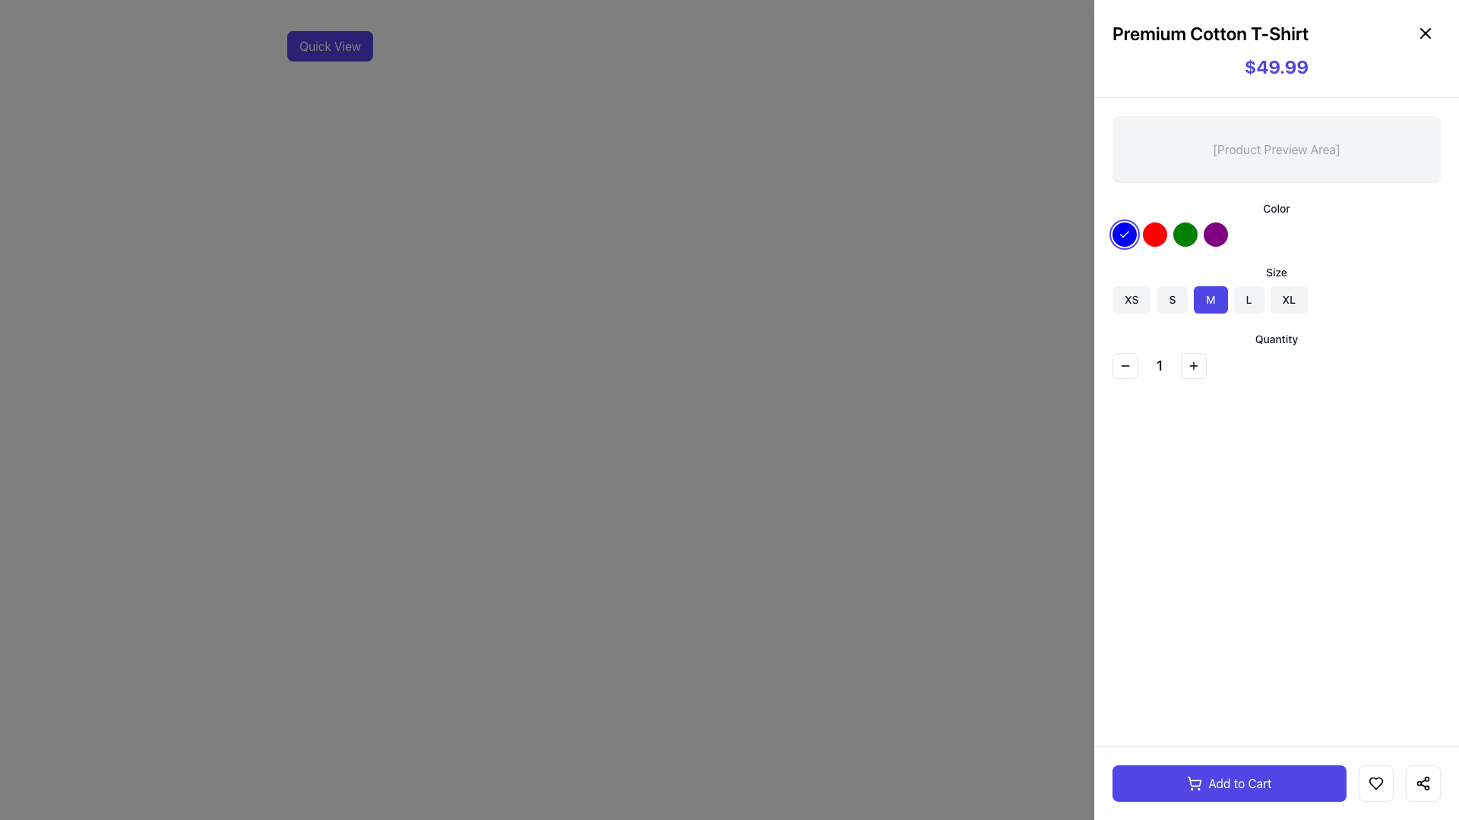 The image size is (1459, 820). I want to click on the decrement button located to the immediate left of the numeric quantity display in the quantity selector interface to reduce the displayed value, so click(1125, 366).